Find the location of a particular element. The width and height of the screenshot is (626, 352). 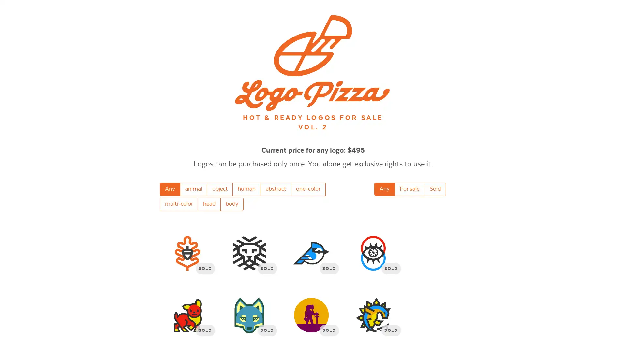

Sold is located at coordinates (435, 189).